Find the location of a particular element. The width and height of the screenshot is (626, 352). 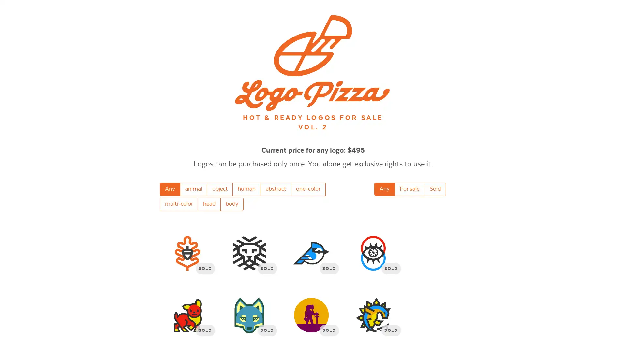

Sold is located at coordinates (435, 189).